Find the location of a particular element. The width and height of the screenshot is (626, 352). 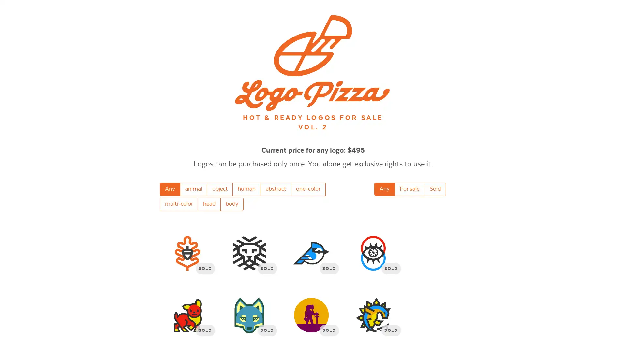

Sold is located at coordinates (435, 189).